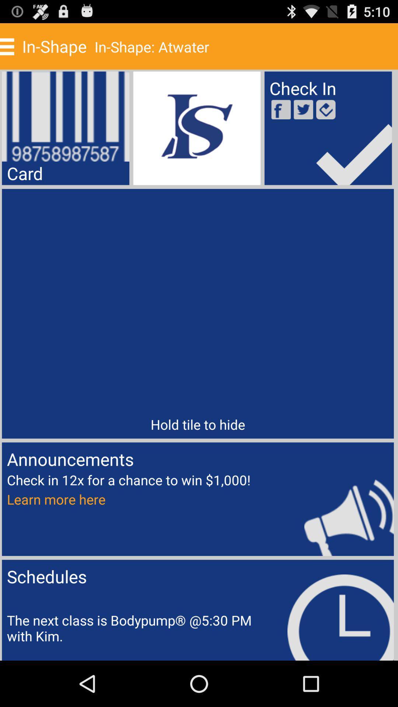 This screenshot has width=398, height=707. What do you see at coordinates (281, 109) in the screenshot?
I see `the facebook icon` at bounding box center [281, 109].